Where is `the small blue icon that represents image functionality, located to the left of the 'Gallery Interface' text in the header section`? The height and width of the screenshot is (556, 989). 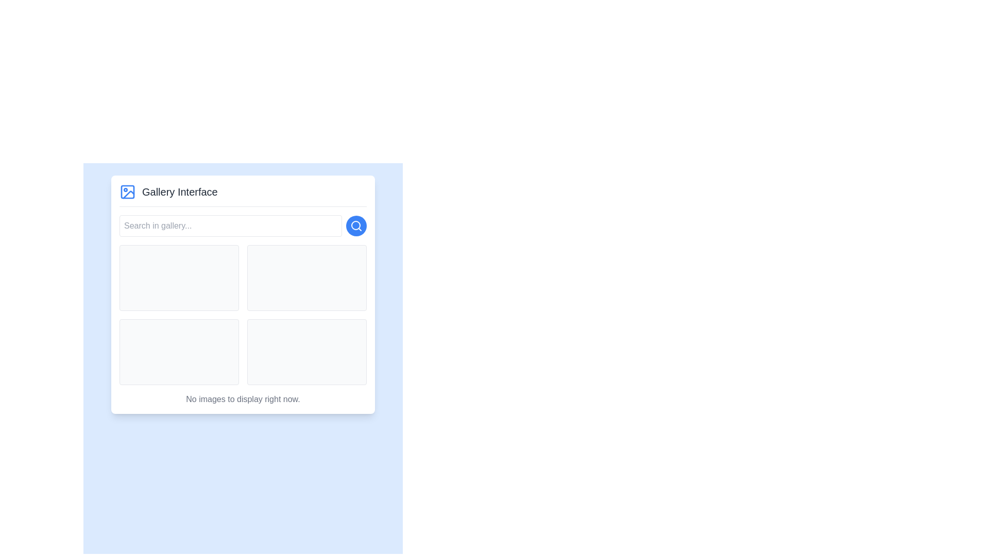
the small blue icon that represents image functionality, located to the left of the 'Gallery Interface' text in the header section is located at coordinates (127, 192).